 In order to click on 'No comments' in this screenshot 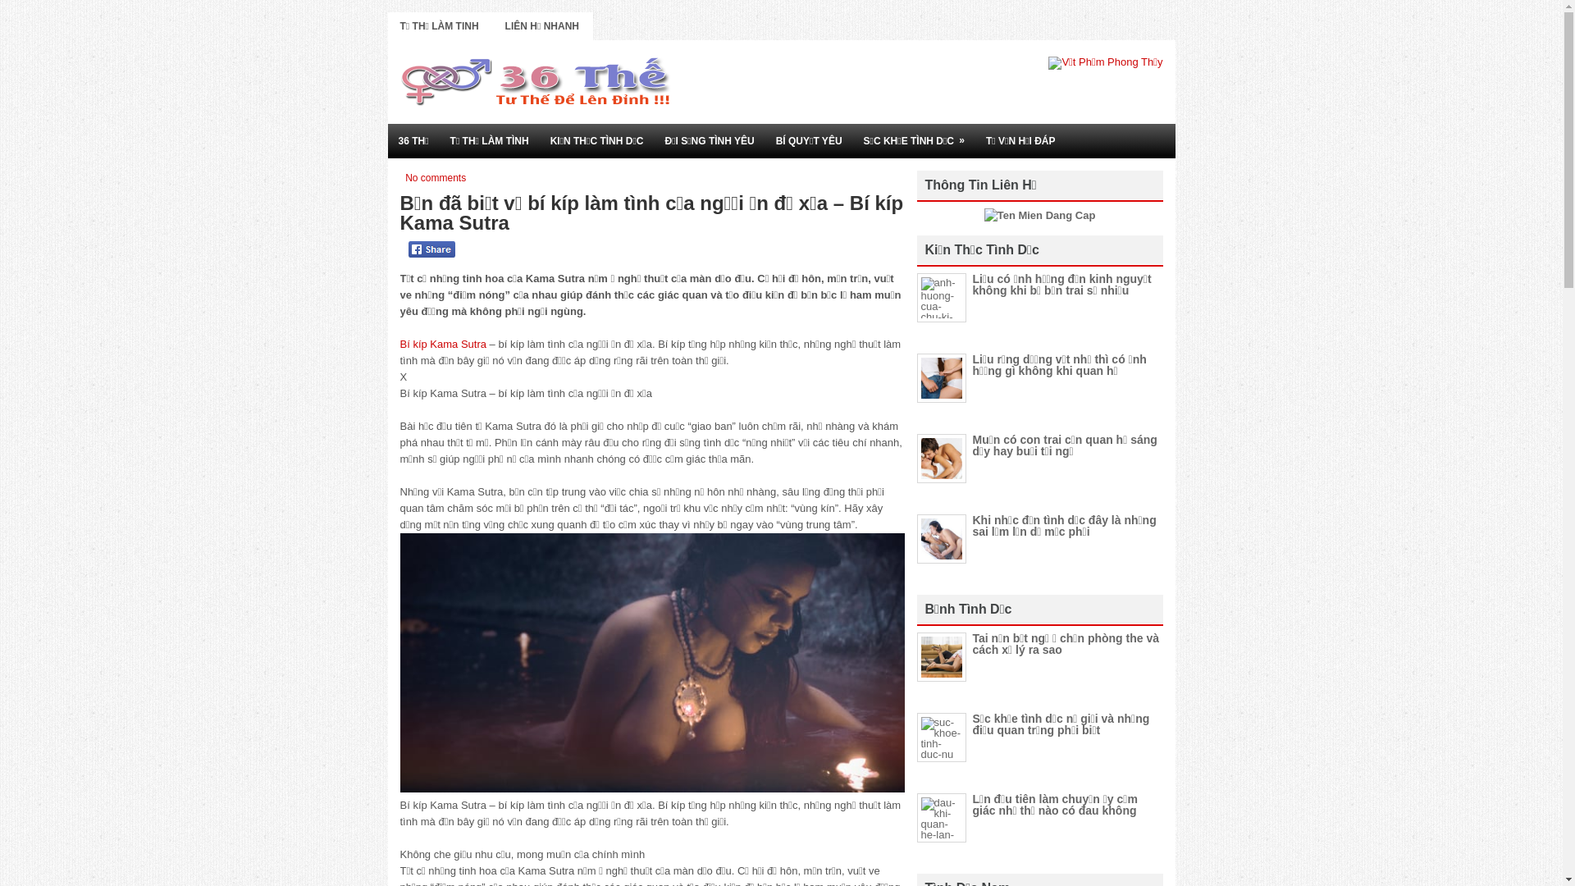, I will do `click(436, 177)`.